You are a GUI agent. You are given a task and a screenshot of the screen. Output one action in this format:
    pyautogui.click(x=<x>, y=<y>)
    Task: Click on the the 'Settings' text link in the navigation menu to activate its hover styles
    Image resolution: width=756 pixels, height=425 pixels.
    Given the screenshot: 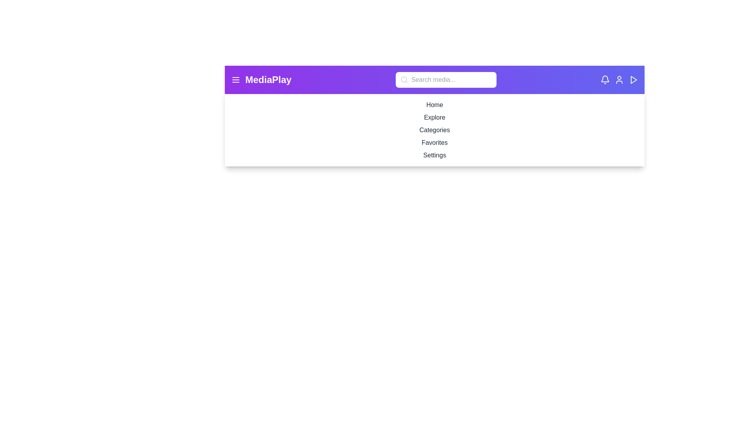 What is the action you would take?
    pyautogui.click(x=434, y=155)
    